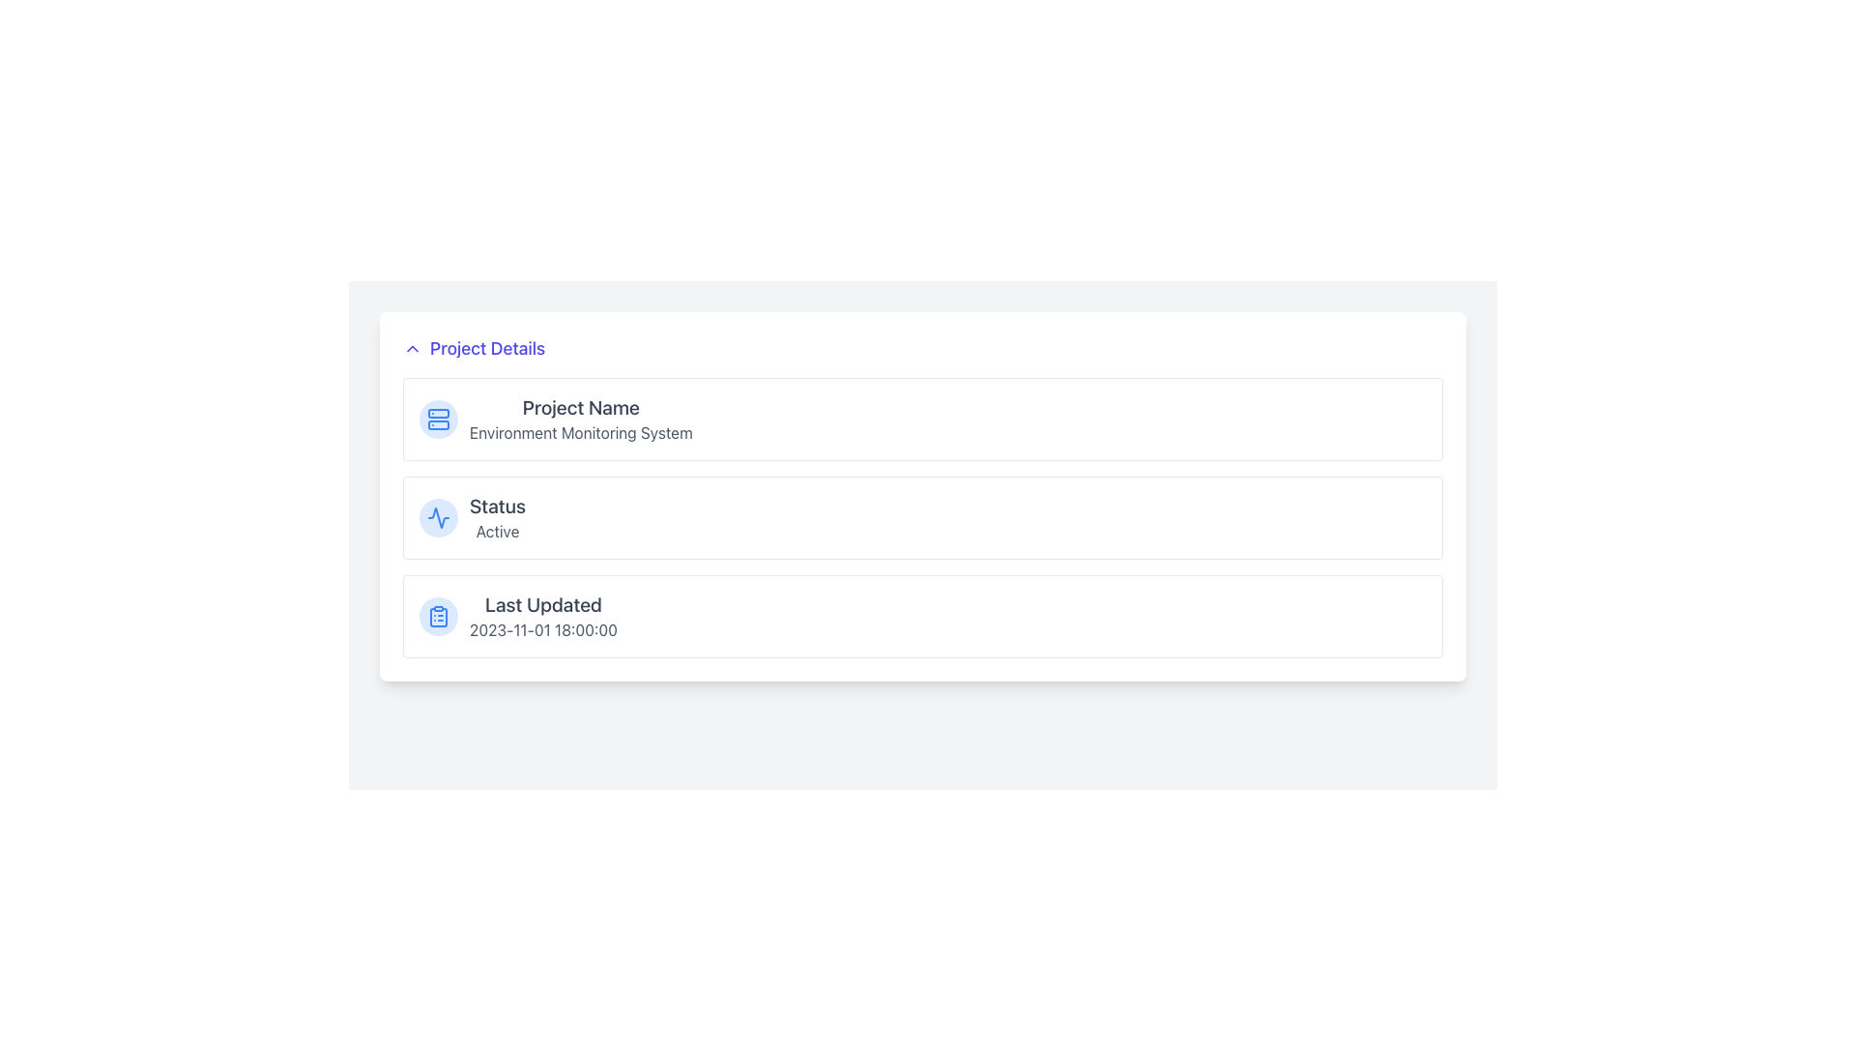  What do you see at coordinates (497, 506) in the screenshot?
I see `the text label that indicates the status of the project, positioned above the 'Active' text and to the right of the graph icon` at bounding box center [497, 506].